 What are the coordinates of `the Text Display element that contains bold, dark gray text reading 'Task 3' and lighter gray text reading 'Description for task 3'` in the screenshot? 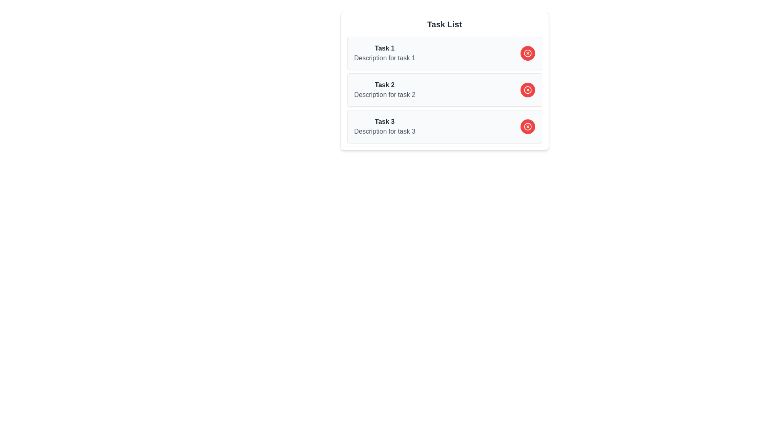 It's located at (384, 127).